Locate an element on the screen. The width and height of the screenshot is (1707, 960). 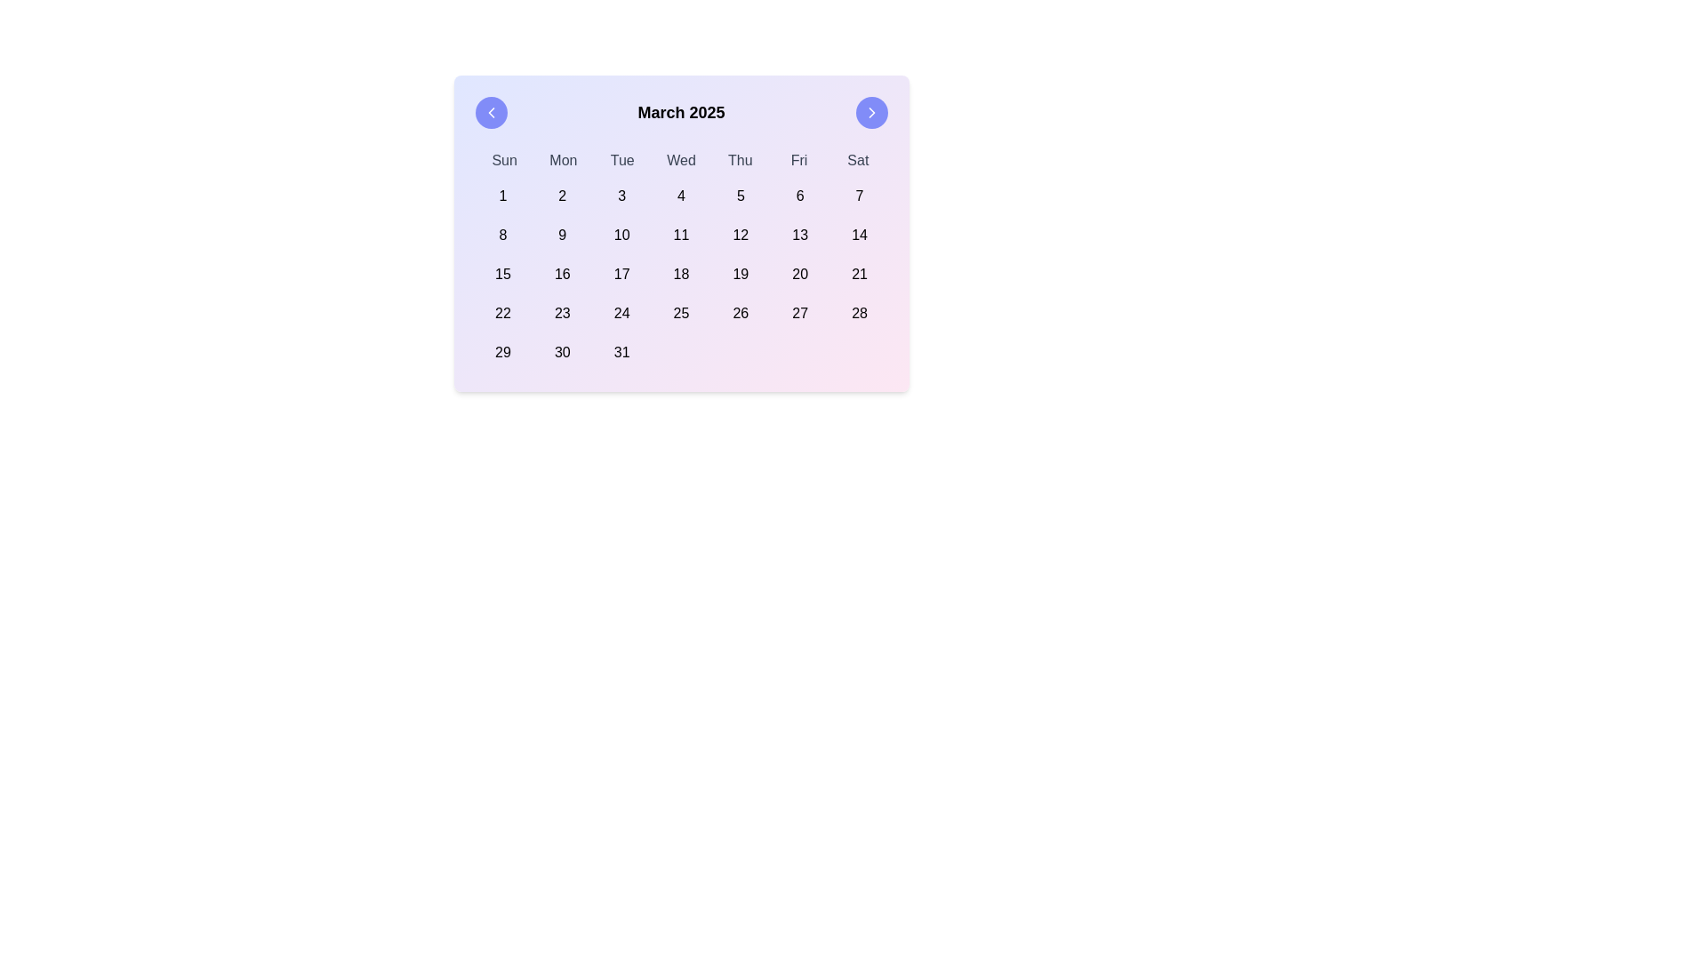
the button representing the date '20' located in the third row and sixth column of the date grid is located at coordinates (799, 274).